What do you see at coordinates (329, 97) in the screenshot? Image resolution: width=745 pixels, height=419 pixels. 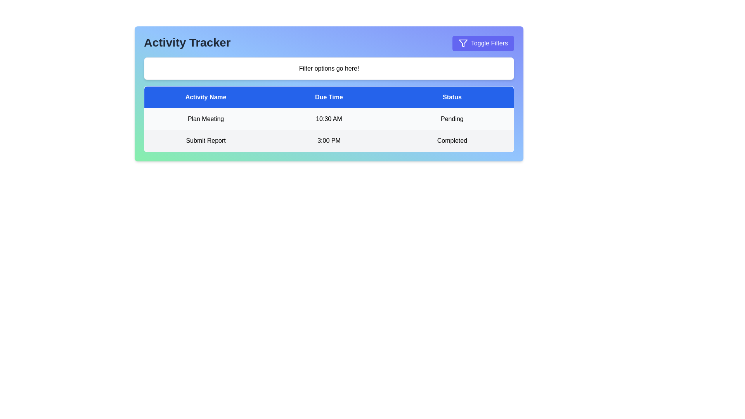 I see `the 'Due Time' column header in the table to sort the tasks by their due times` at bounding box center [329, 97].